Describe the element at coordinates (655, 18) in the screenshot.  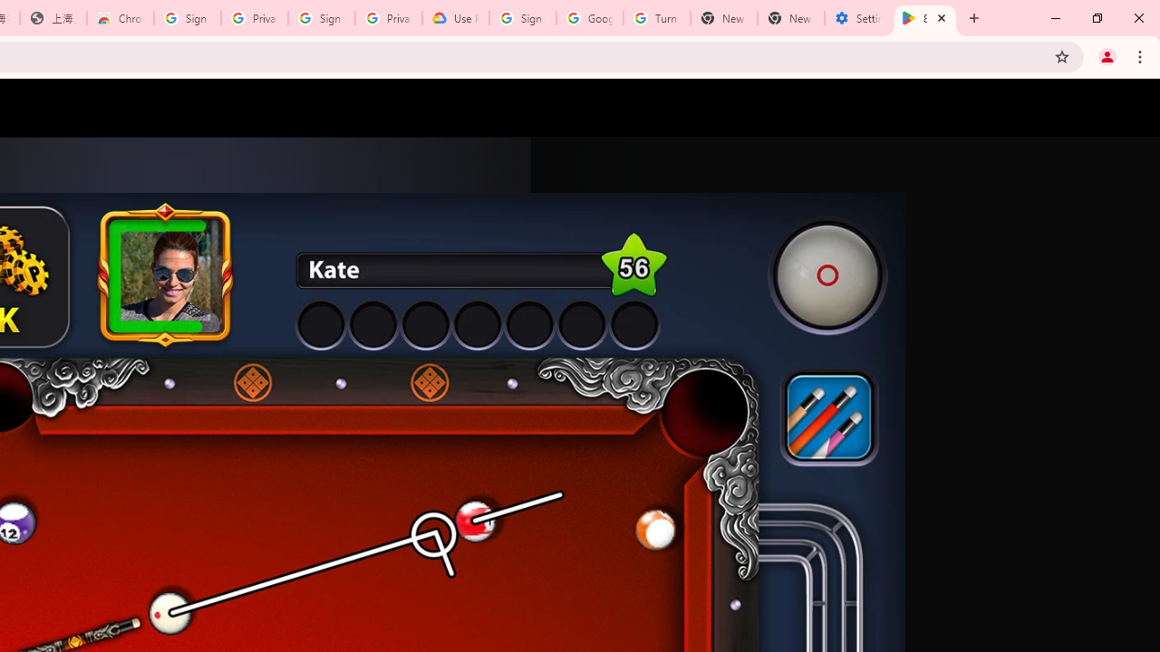
I see `'Turn cookies on or off - Computer - Google Account Help'` at that location.